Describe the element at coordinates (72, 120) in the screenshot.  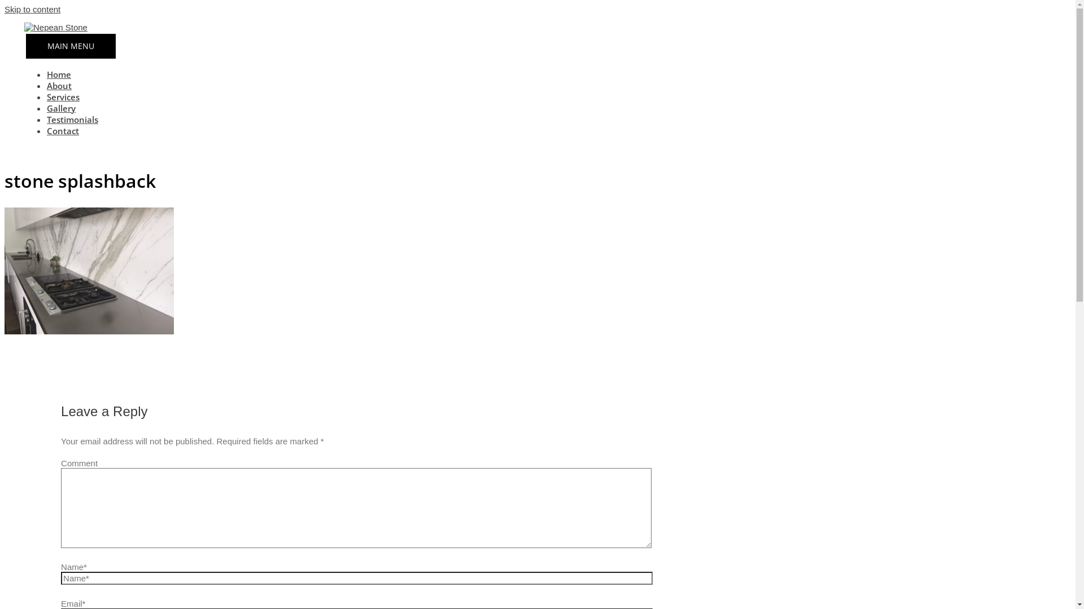
I see `'Testimonials'` at that location.